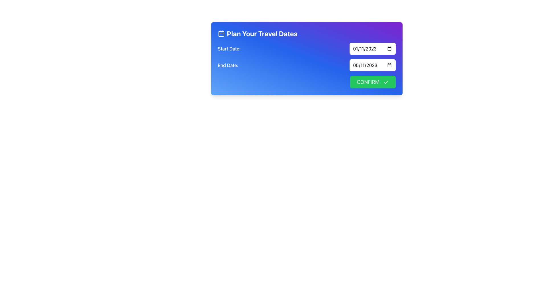 Image resolution: width=547 pixels, height=308 pixels. I want to click on the date input field for the end of a travel period located below the 'Start Date:' field and to the right of the 'End Date:' label to enable keyboard input, so click(372, 65).